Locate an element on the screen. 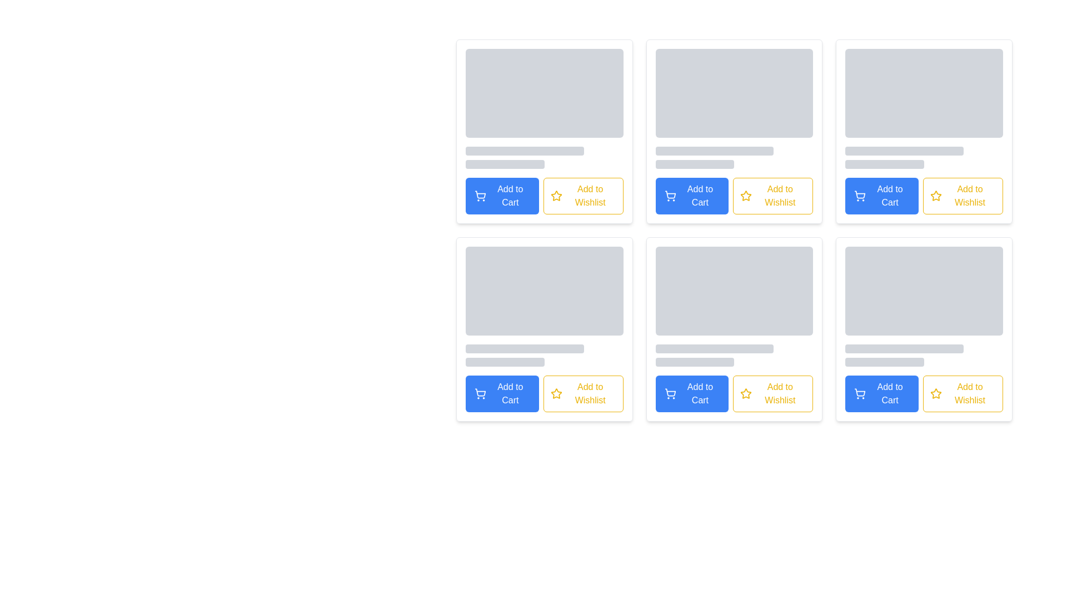 The image size is (1067, 600). the shopping cart icon located to the left of the 'Add to Cart' button within the product card is located at coordinates (670, 392).